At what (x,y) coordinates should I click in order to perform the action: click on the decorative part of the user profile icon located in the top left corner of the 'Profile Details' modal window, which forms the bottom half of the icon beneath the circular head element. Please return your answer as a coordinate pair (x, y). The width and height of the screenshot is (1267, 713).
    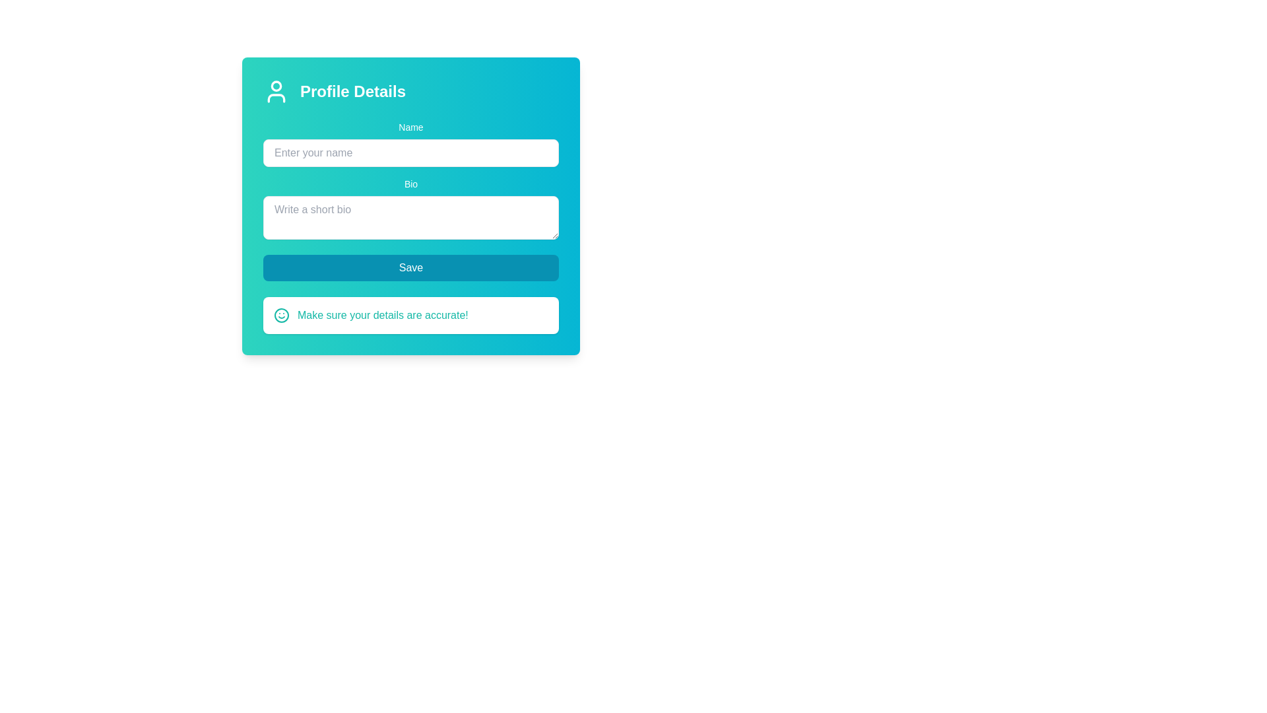
    Looking at the image, I should click on (275, 98).